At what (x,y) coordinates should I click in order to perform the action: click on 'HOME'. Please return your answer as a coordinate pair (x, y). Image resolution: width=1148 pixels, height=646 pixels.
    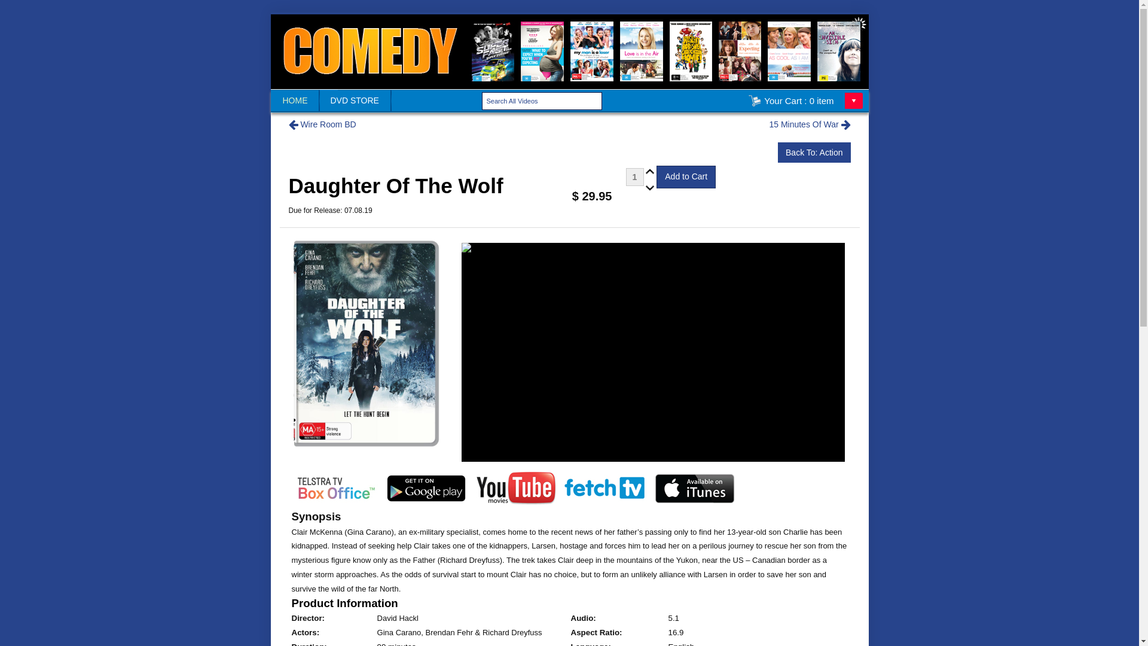
    Looking at the image, I should click on (295, 100).